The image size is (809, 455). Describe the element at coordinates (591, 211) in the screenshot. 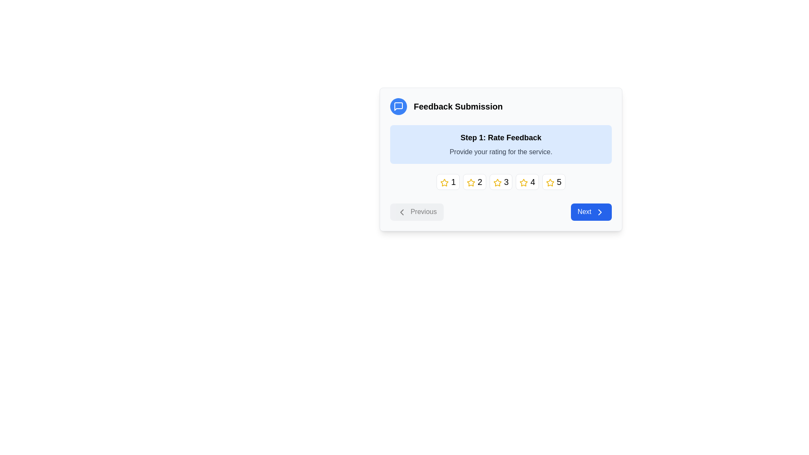

I see `the rectangular button with a blue background and white text labeled 'Next', which is located in the bottom-right corner of the feedback submission card` at that location.